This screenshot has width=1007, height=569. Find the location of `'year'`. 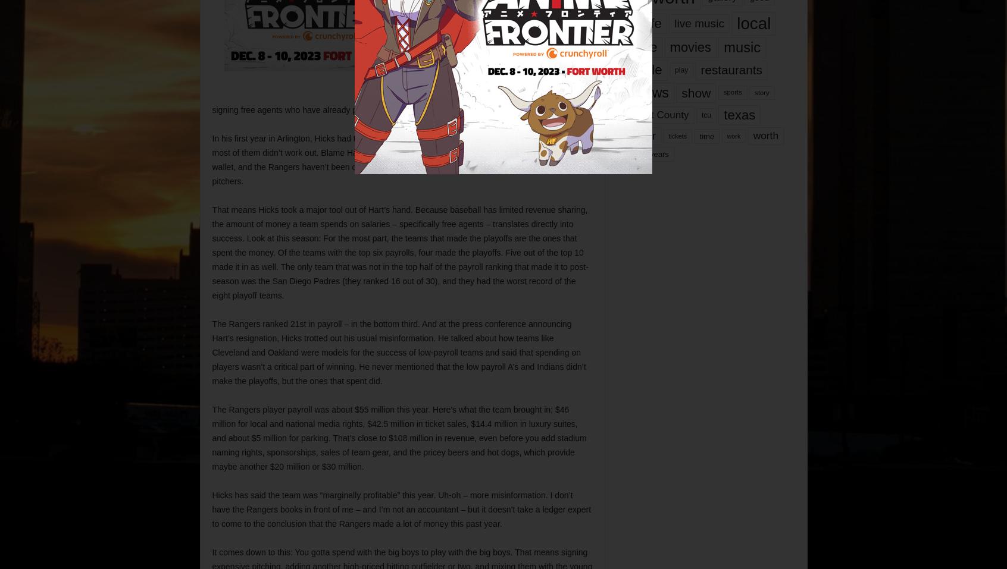

'year' is located at coordinates (628, 153).